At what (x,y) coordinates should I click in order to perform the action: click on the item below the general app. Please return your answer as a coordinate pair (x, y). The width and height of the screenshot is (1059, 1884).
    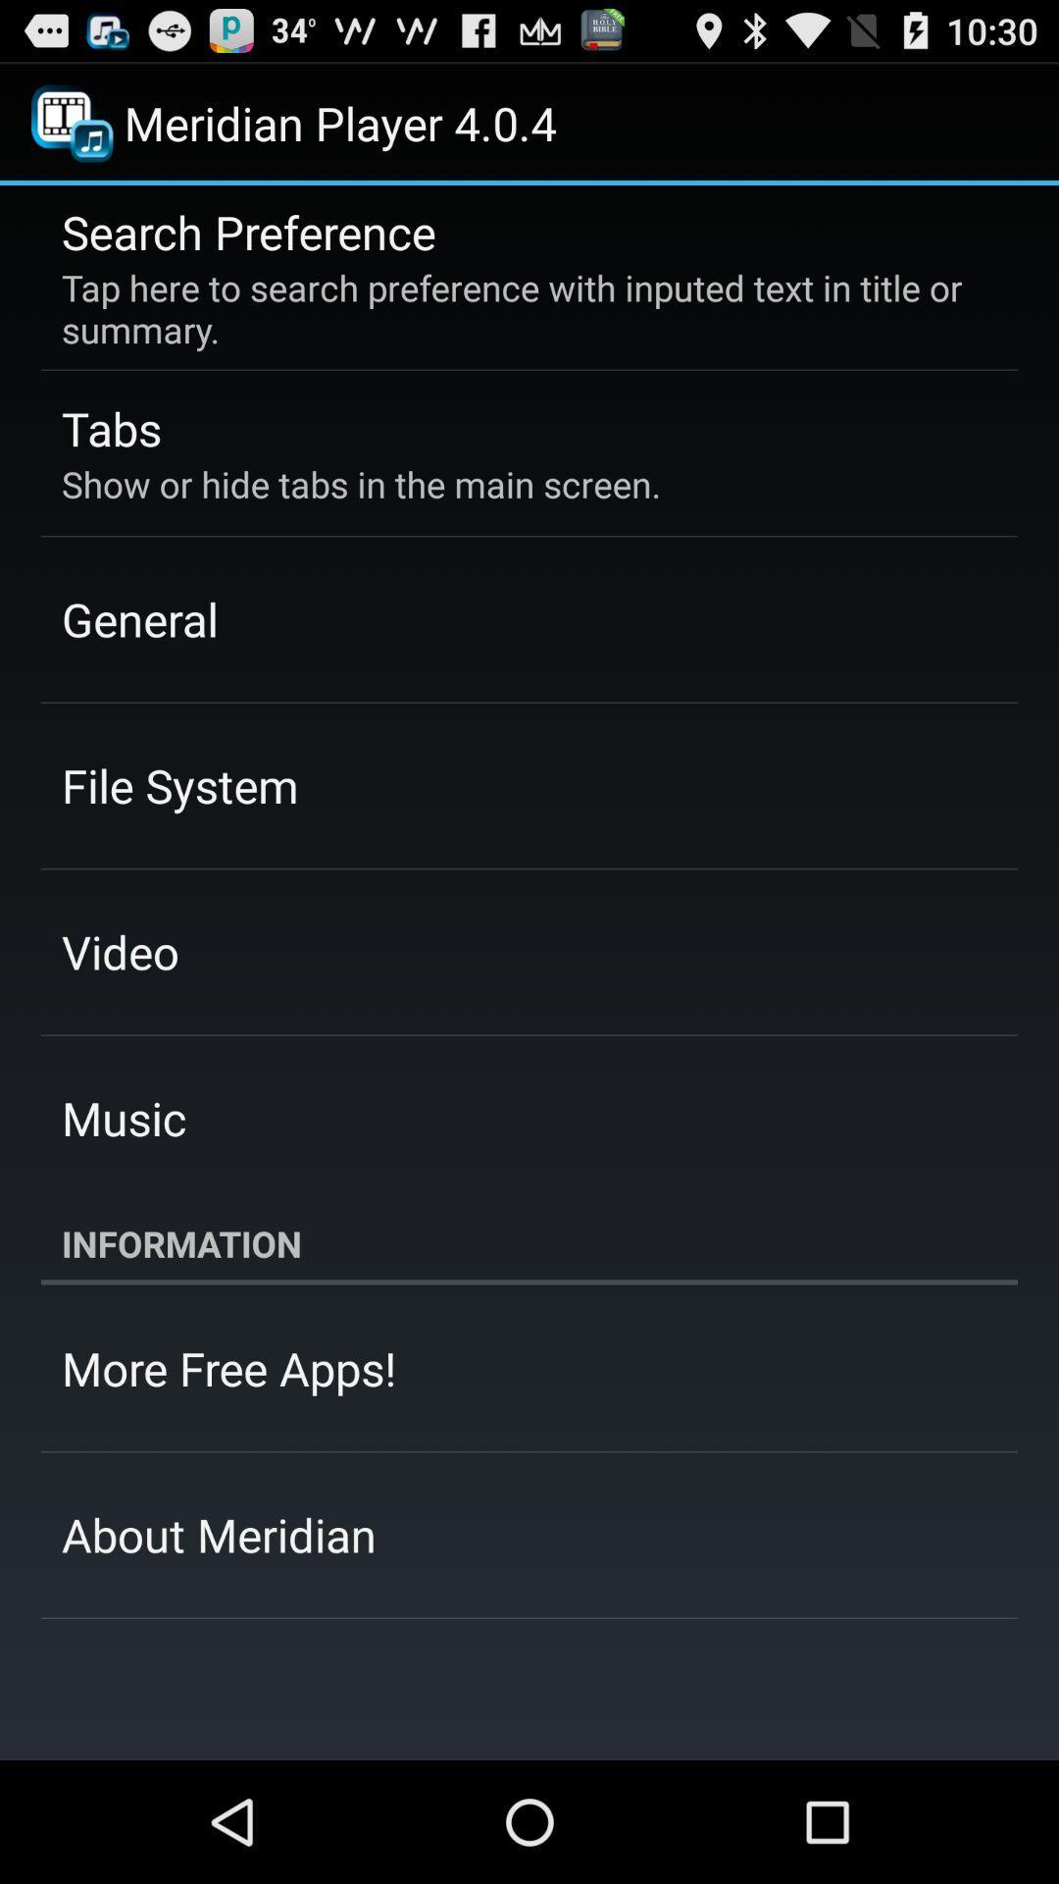
    Looking at the image, I should click on (179, 785).